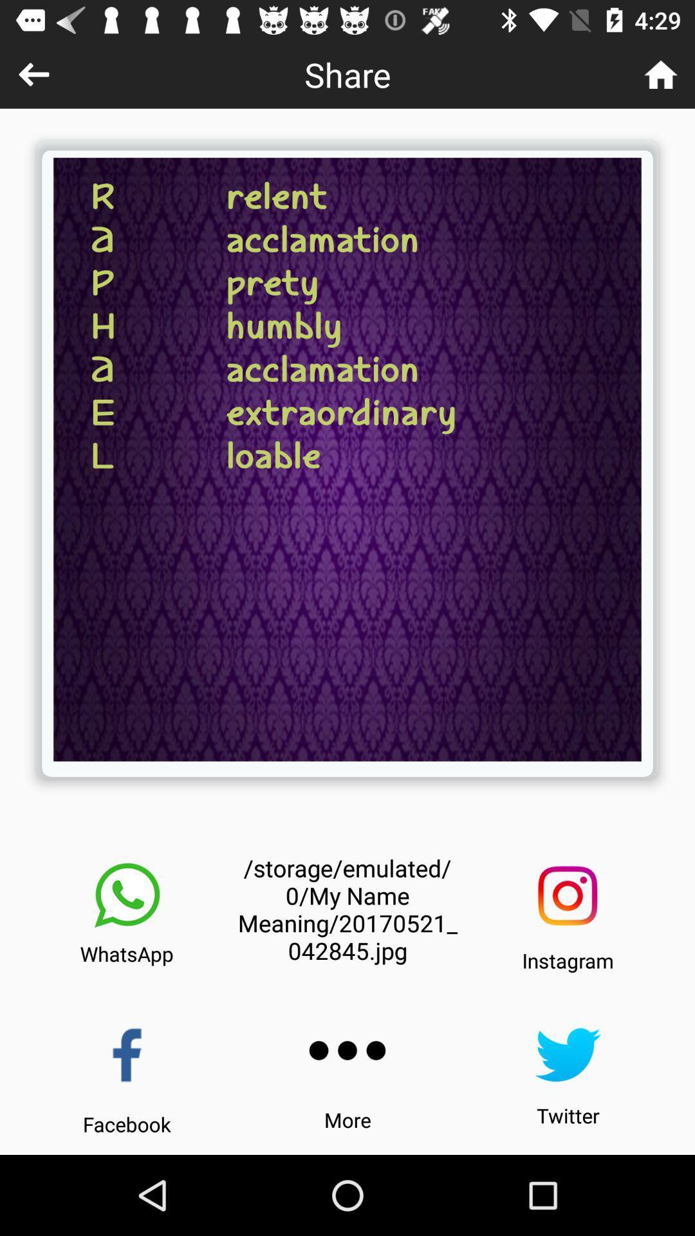 This screenshot has height=1236, width=695. What do you see at coordinates (567, 1054) in the screenshot?
I see `share article to twitter` at bounding box center [567, 1054].